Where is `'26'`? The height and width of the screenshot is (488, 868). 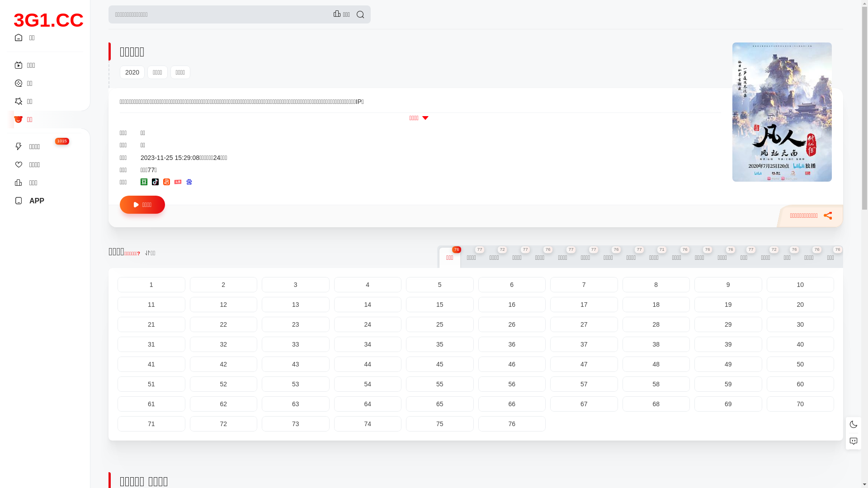
'26' is located at coordinates (477, 324).